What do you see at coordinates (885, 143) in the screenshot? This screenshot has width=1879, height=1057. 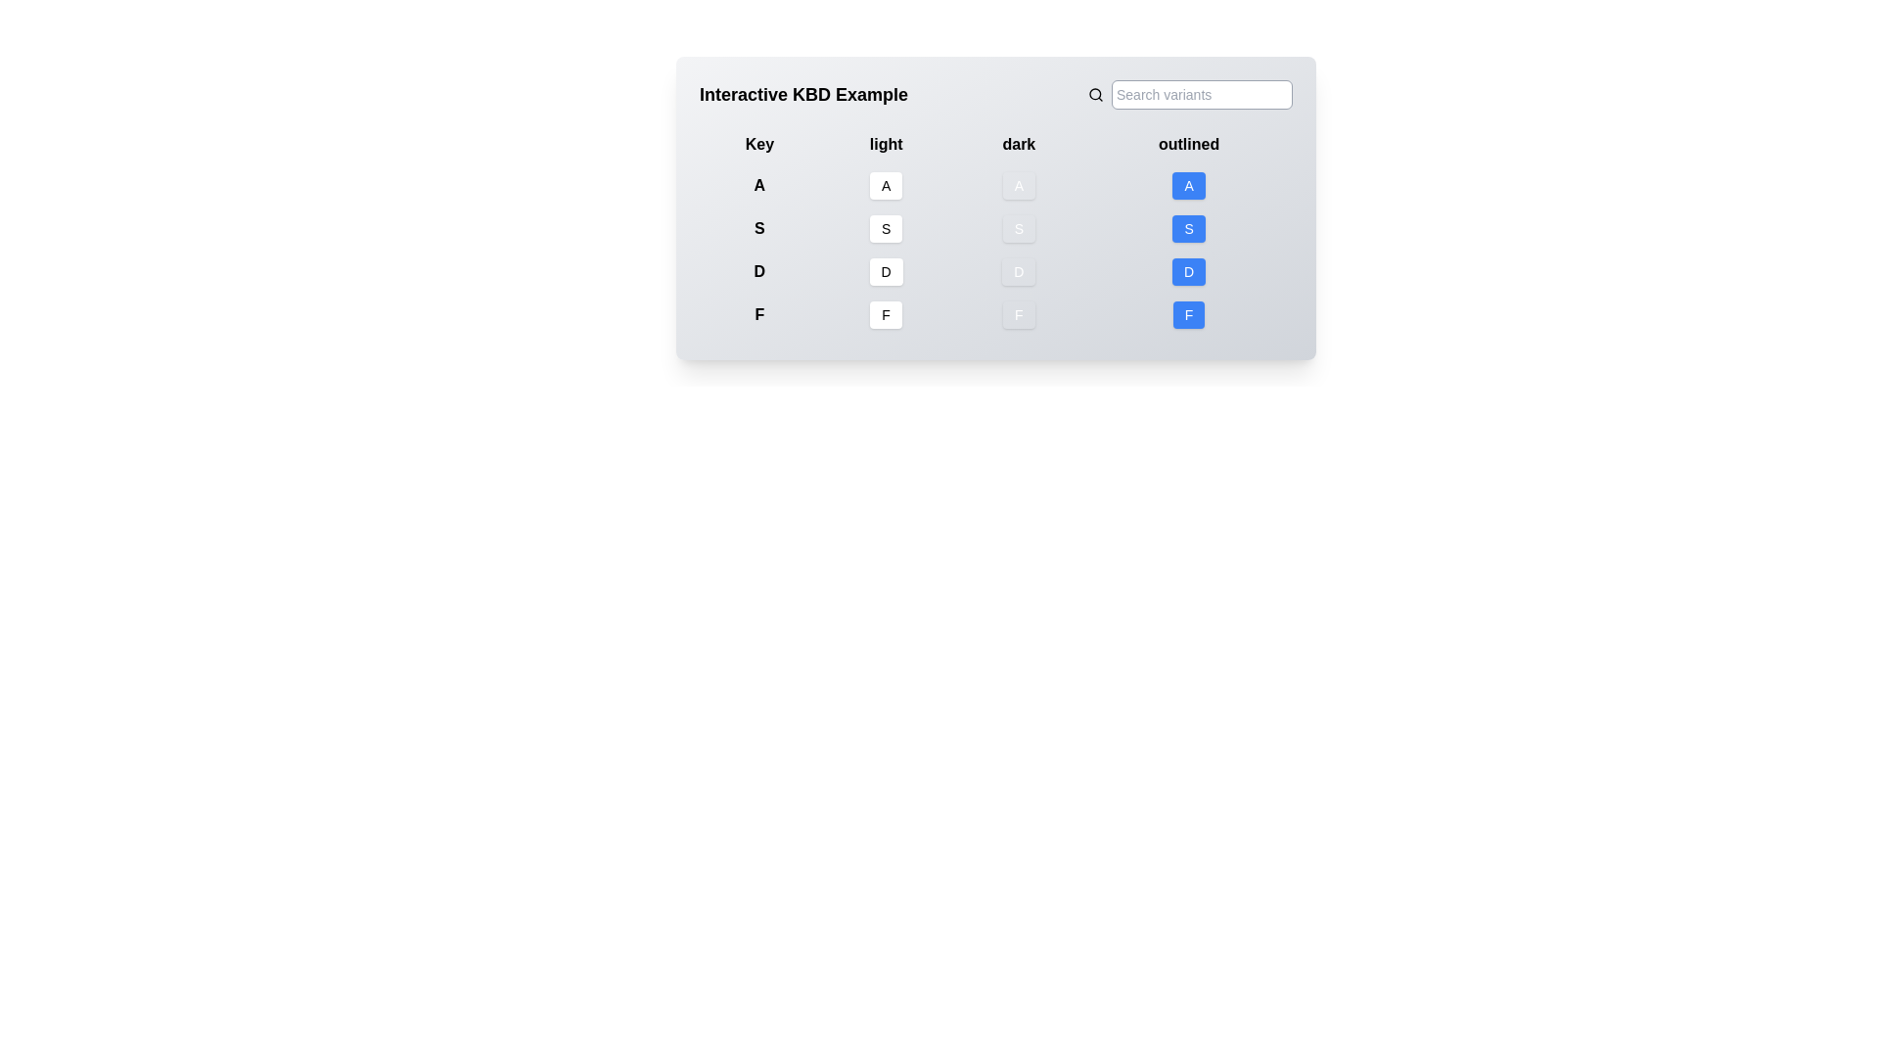 I see `the text label displaying 'light' in bold format, which is the second label in a horizontal group of labels, positioned under the header 'Interactive KBD Example'` at bounding box center [885, 143].